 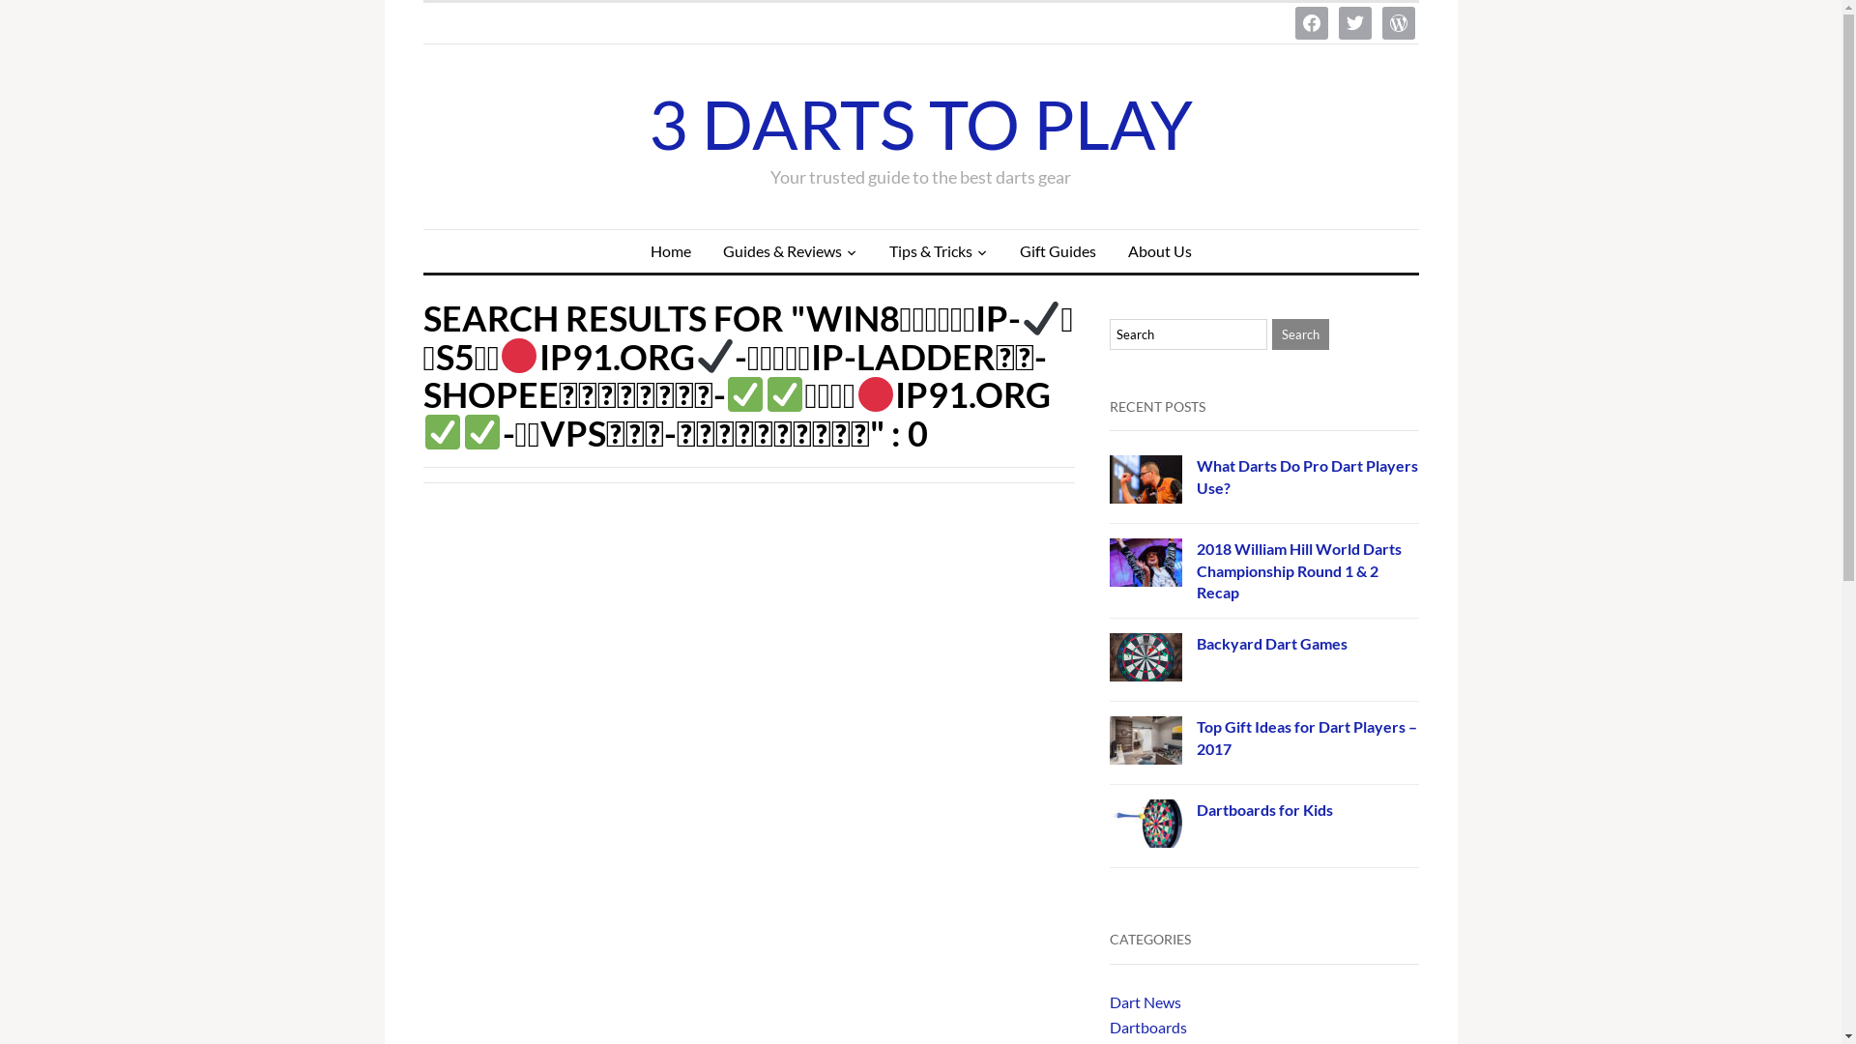 I want to click on 'Dartboards for Kids', so click(x=1264, y=809).